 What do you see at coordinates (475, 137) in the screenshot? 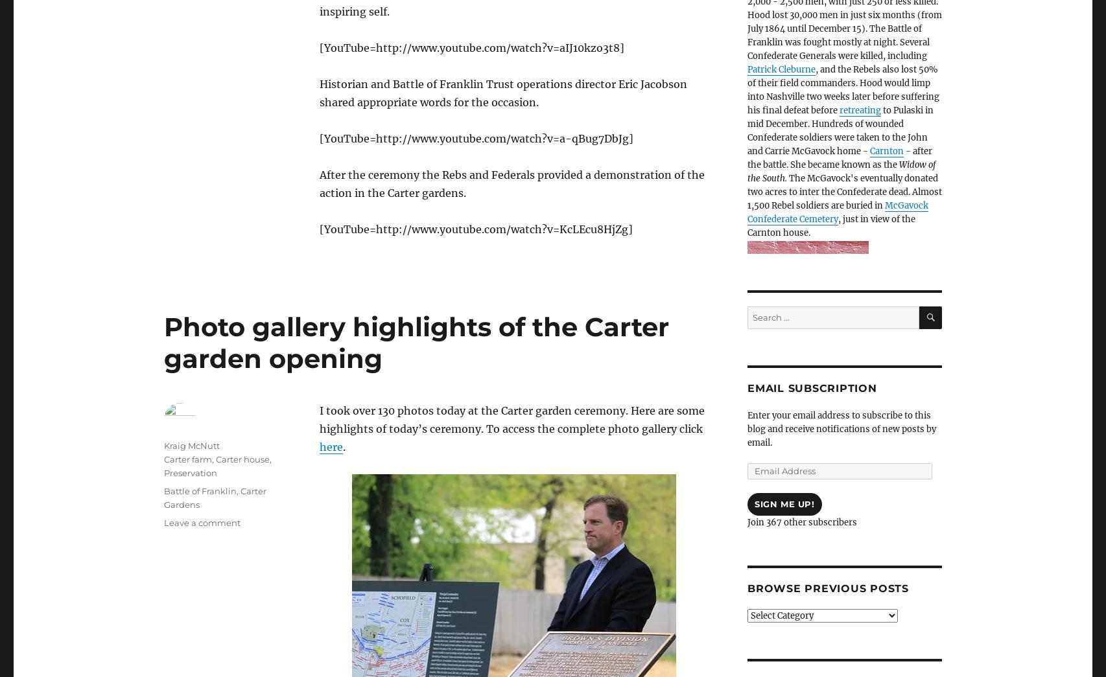
I see `'[YouTube=http://www.youtube.com/watch?v=a-qBug7DbJg]'` at bounding box center [475, 137].